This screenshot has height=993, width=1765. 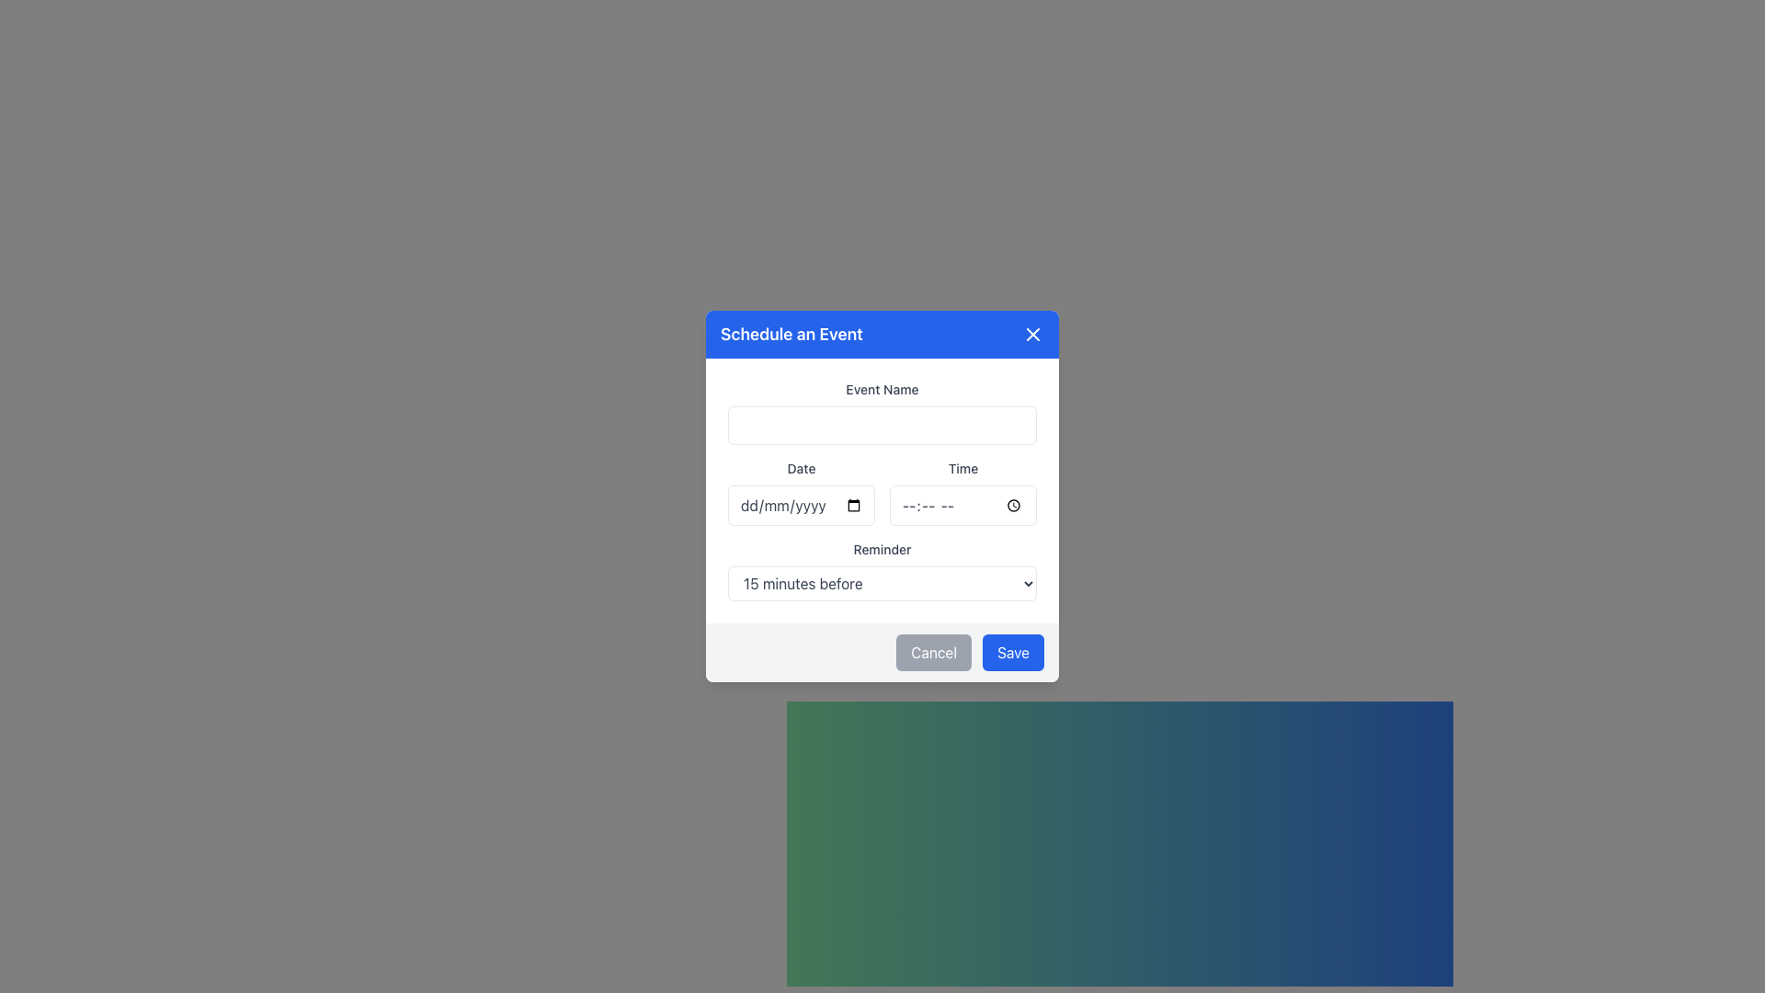 What do you see at coordinates (802, 492) in the screenshot?
I see `the calendar icon in the date input field of the 'Schedule an Event' modal dialog` at bounding box center [802, 492].